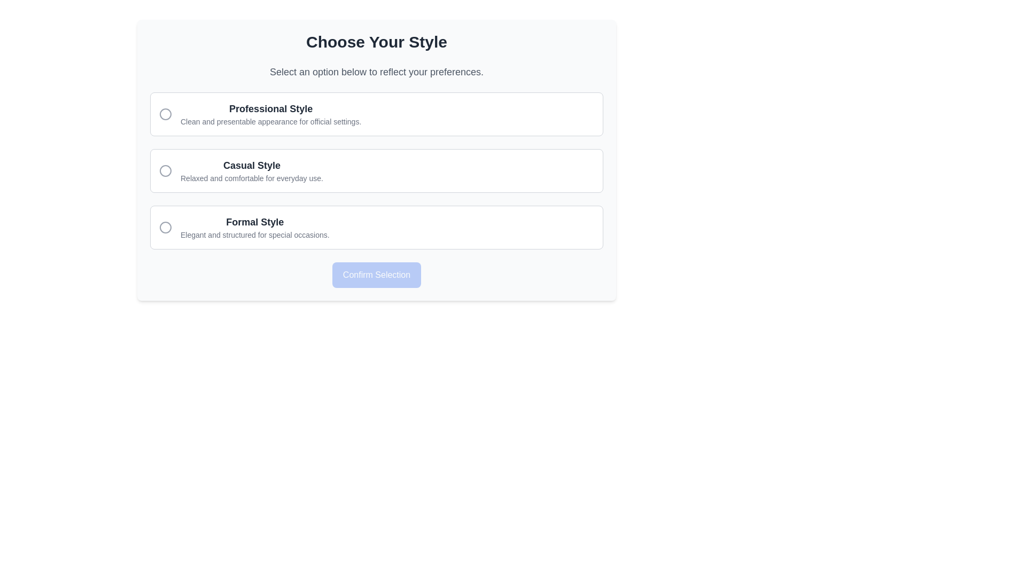  What do you see at coordinates (165, 227) in the screenshot?
I see `the central circular SVG indicator for the 'Formal Style' option in the vertical list of style selectors` at bounding box center [165, 227].